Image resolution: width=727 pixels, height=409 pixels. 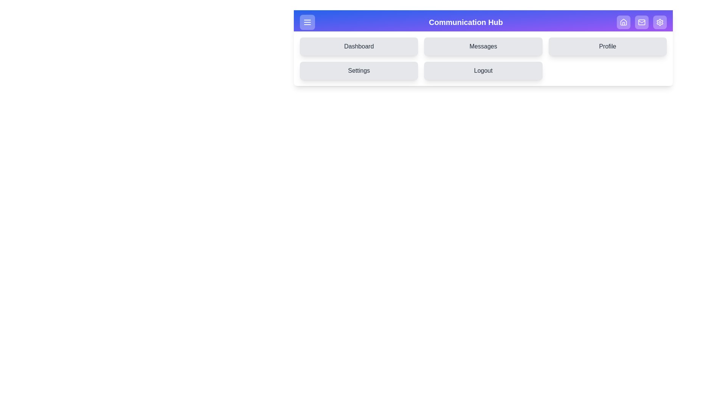 I want to click on the title 'Communication Hub' in the app bar, so click(x=465, y=22).